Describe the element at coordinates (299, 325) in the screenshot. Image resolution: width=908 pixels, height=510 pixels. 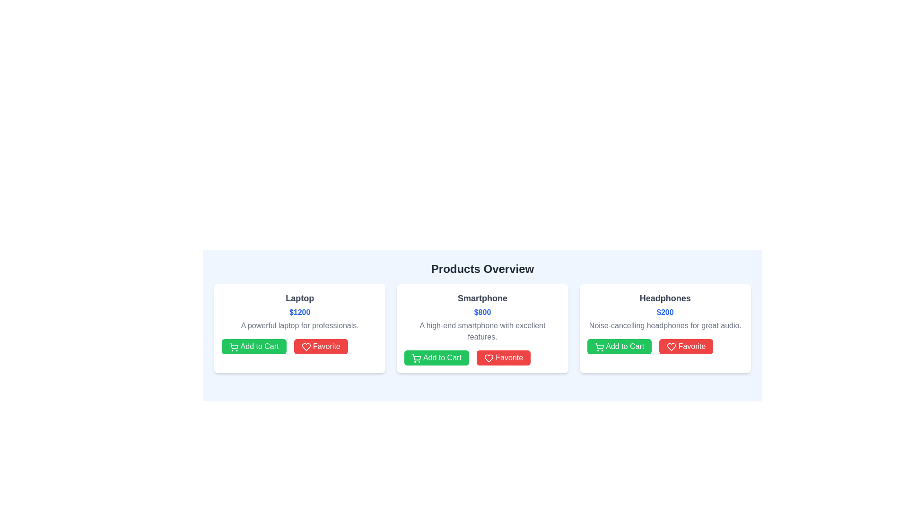
I see `the product description text located in the first column of the product card, which is positioned below the price '$1200' and above the 'Add to Cart' and 'Favorite' buttons` at that location.